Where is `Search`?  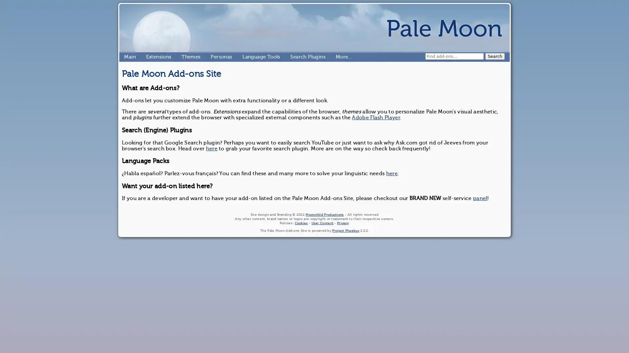
Search is located at coordinates (495, 56).